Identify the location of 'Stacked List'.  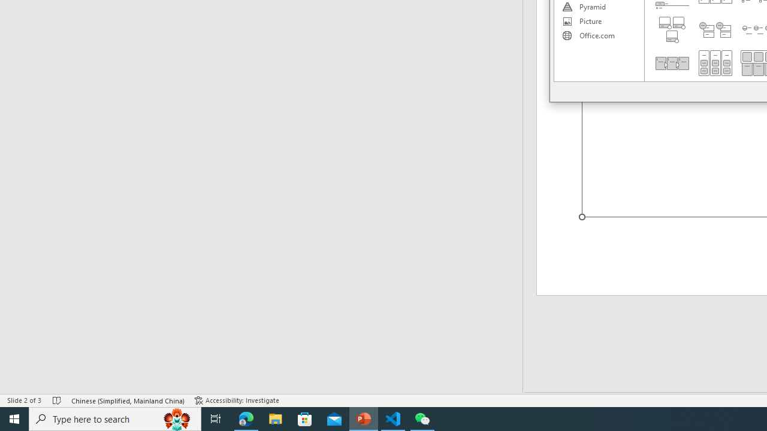
(715, 29).